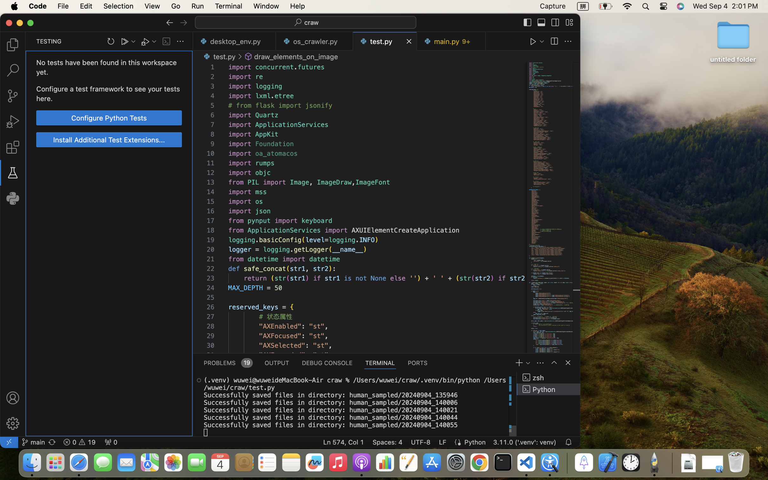  Describe the element at coordinates (548, 389) in the screenshot. I see `'Python '` at that location.